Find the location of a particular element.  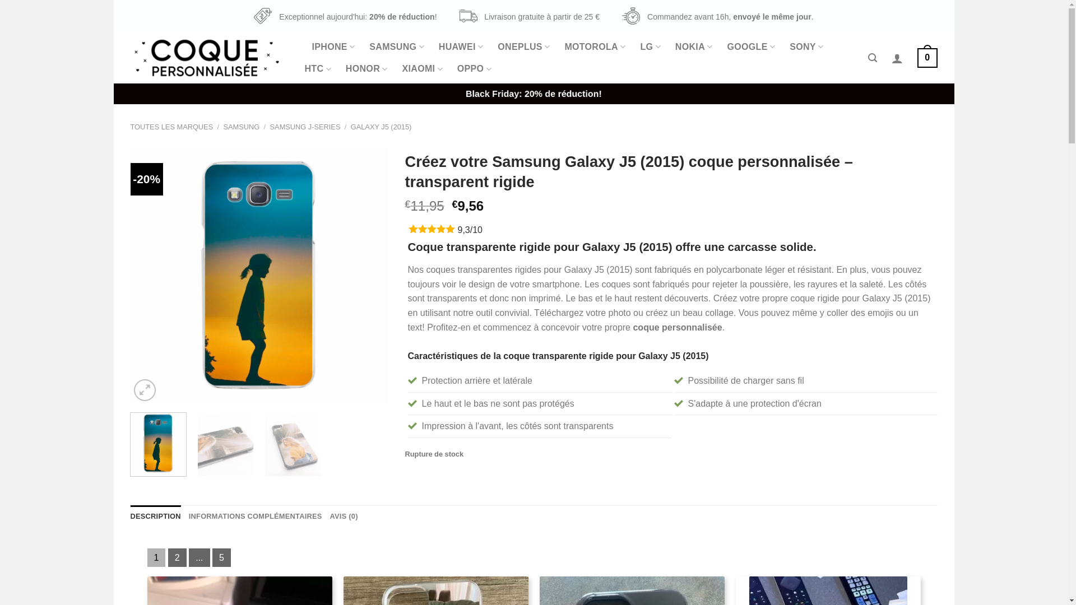

'GOOGLE' is located at coordinates (751, 46).